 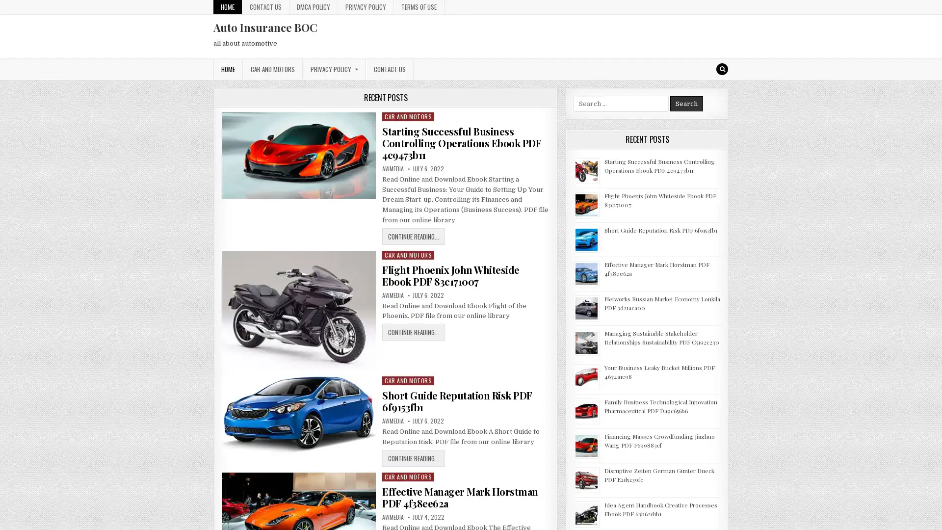 What do you see at coordinates (686, 104) in the screenshot?
I see `Search` at bounding box center [686, 104].